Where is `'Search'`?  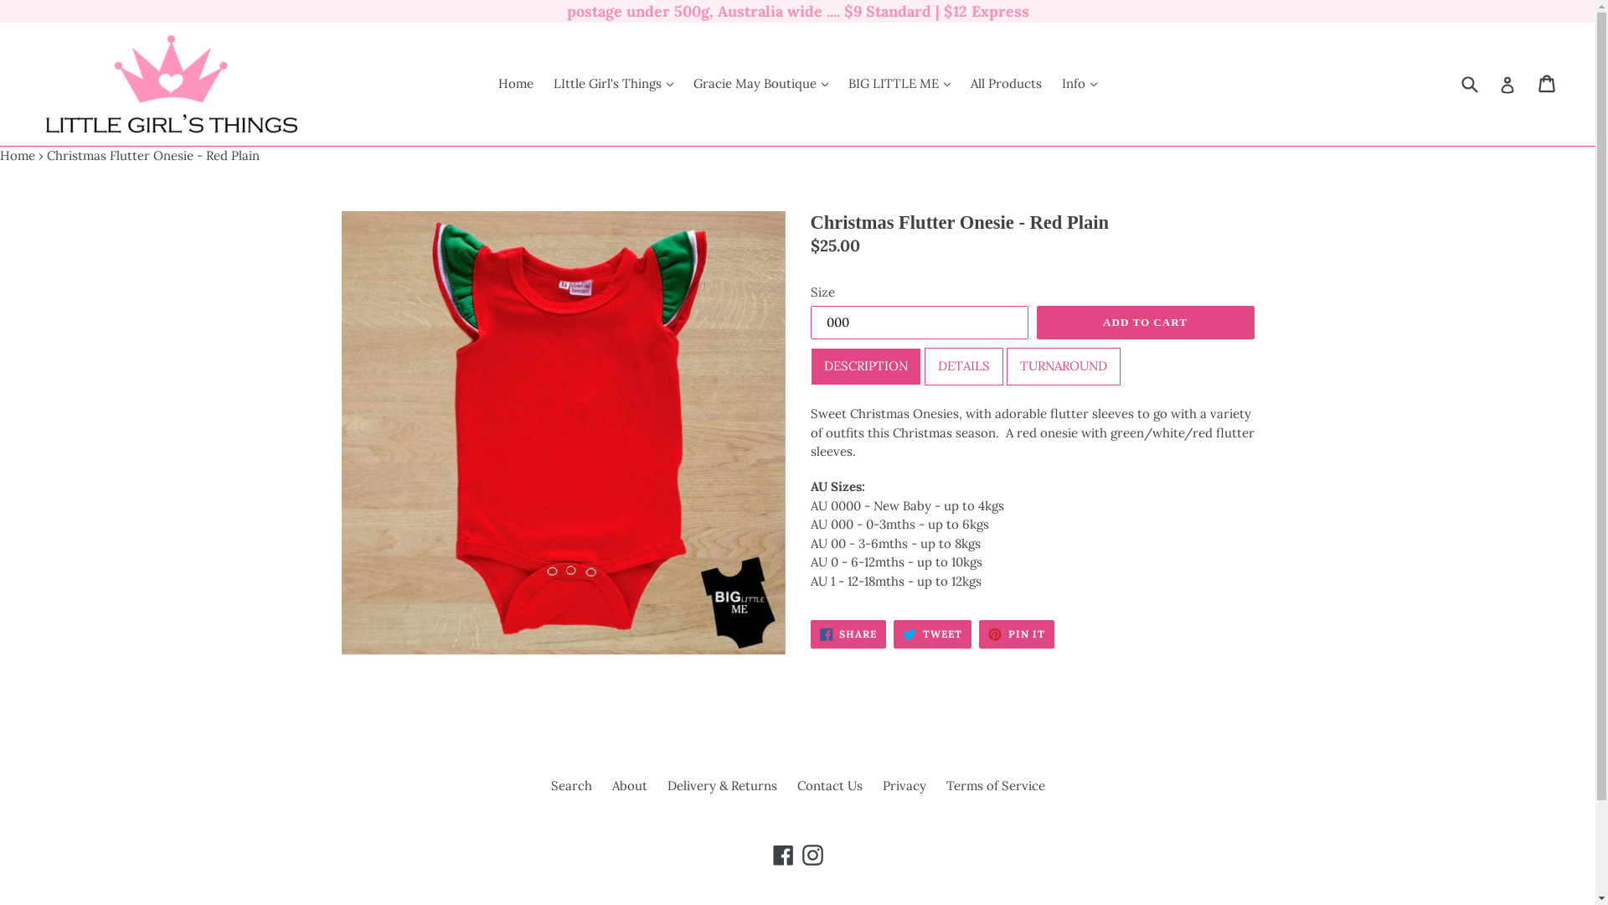 'Search' is located at coordinates (571, 785).